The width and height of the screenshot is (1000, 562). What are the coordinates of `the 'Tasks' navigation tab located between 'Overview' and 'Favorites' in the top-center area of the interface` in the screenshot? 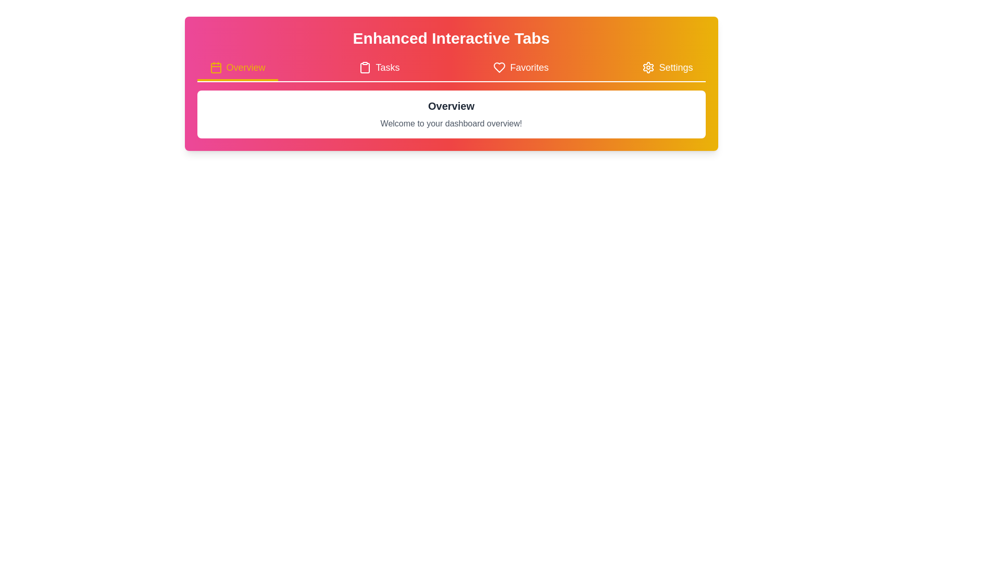 It's located at (379, 68).